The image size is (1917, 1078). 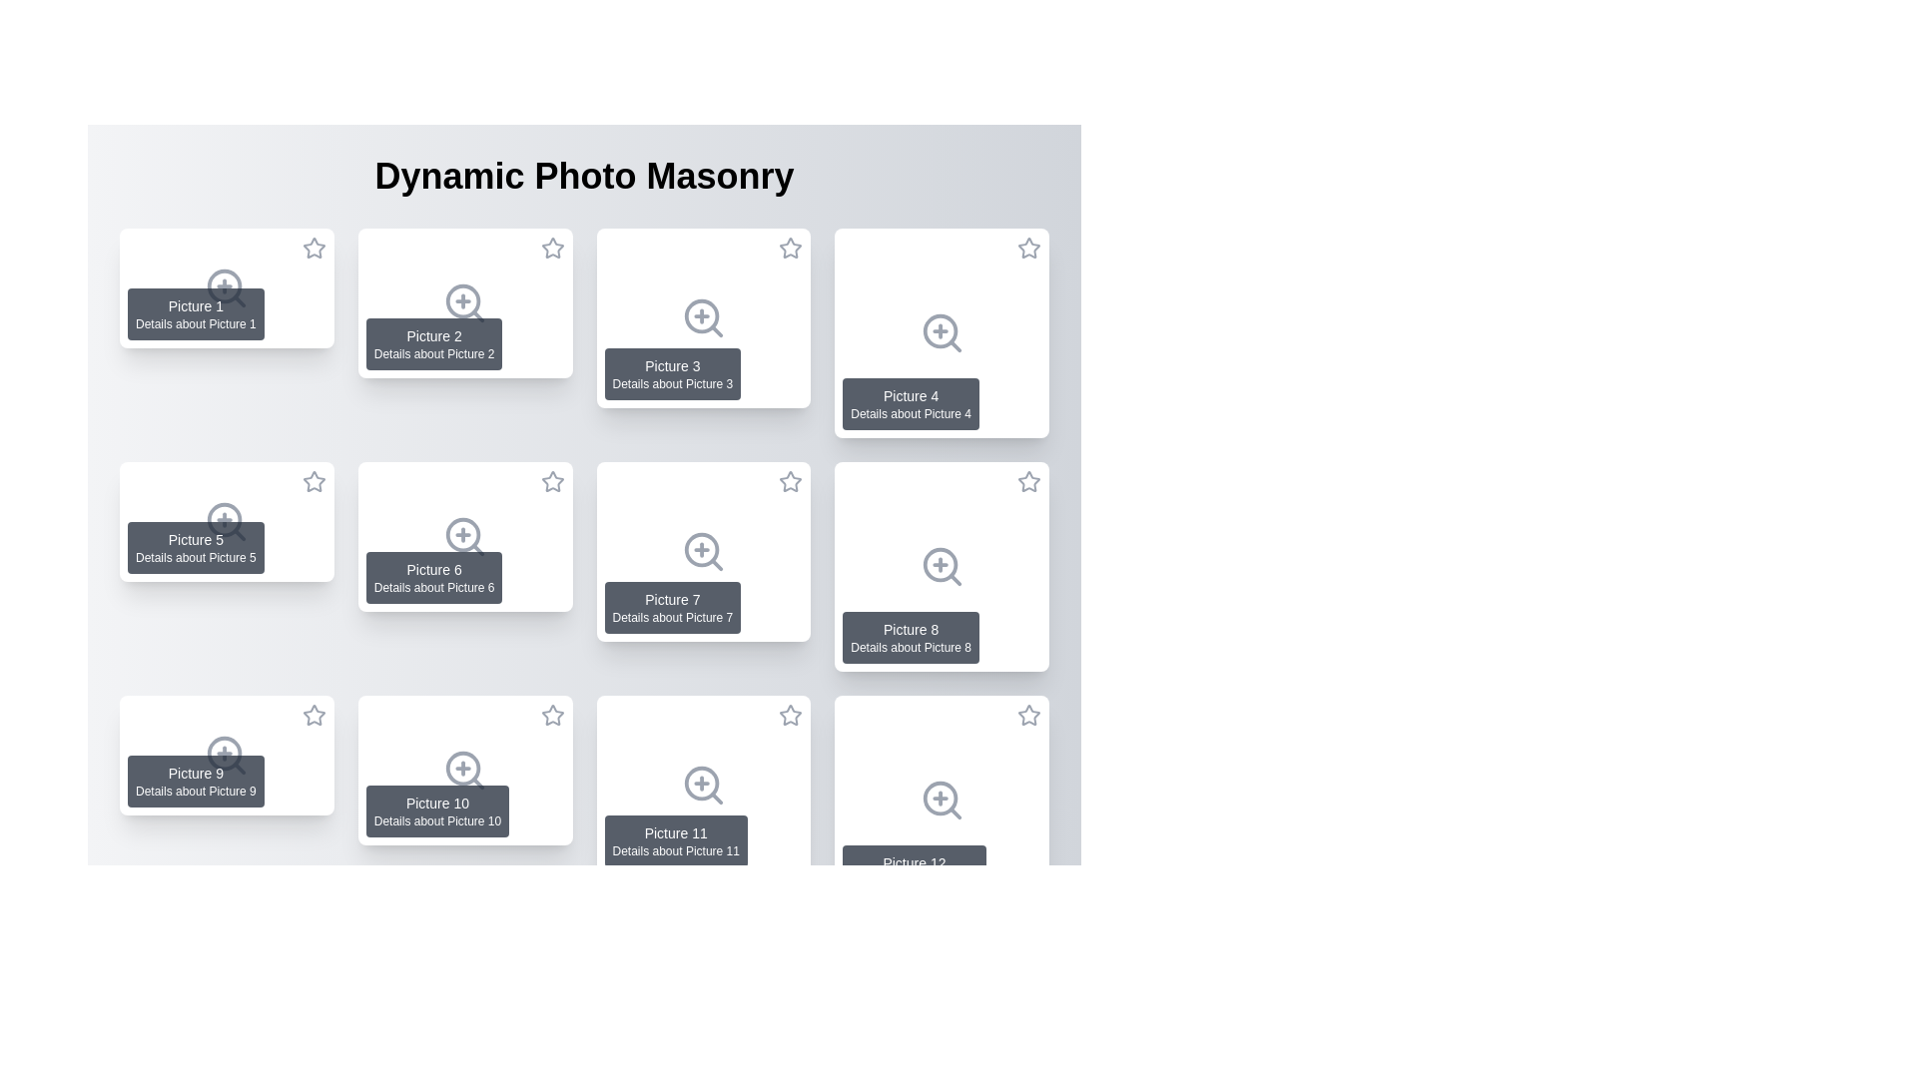 I want to click on the star icon located at the top-right corner of the media tile for 'Picture 1', so click(x=313, y=247).